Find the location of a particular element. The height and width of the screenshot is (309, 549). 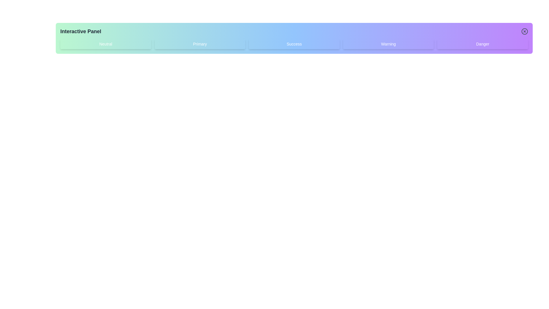

the 'Neutral' button, which is the leftmost button in a horizontal set of buttons is located at coordinates (106, 44).